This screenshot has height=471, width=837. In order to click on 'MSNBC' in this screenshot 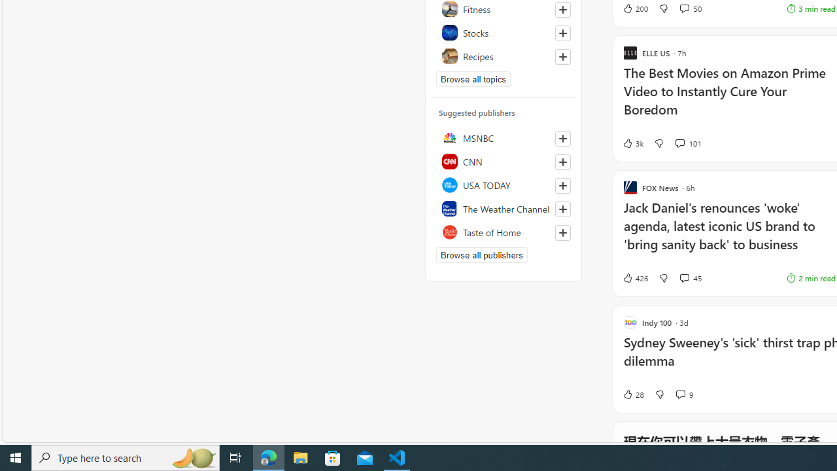, I will do `click(503, 137)`.